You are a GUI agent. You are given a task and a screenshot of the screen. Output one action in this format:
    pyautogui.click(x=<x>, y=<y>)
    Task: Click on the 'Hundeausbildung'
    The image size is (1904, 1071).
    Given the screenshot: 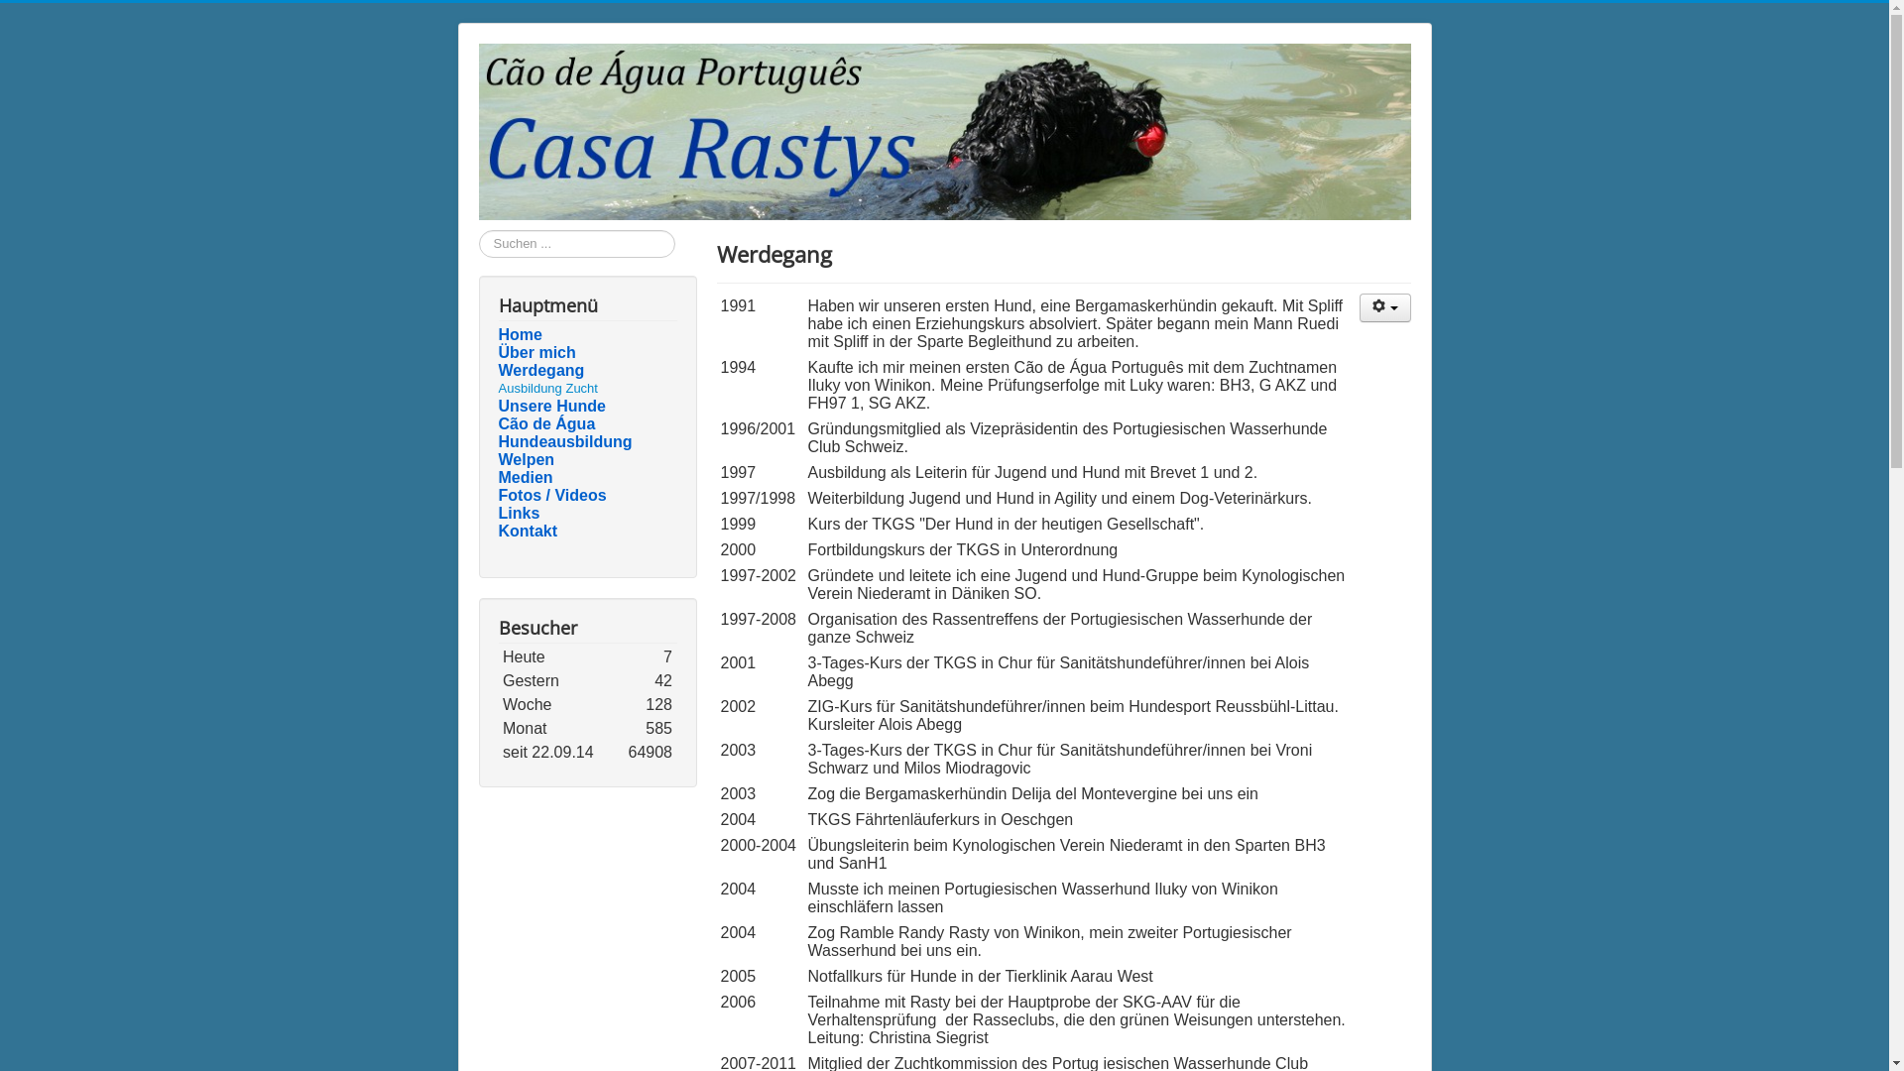 What is the action you would take?
    pyautogui.click(x=585, y=441)
    